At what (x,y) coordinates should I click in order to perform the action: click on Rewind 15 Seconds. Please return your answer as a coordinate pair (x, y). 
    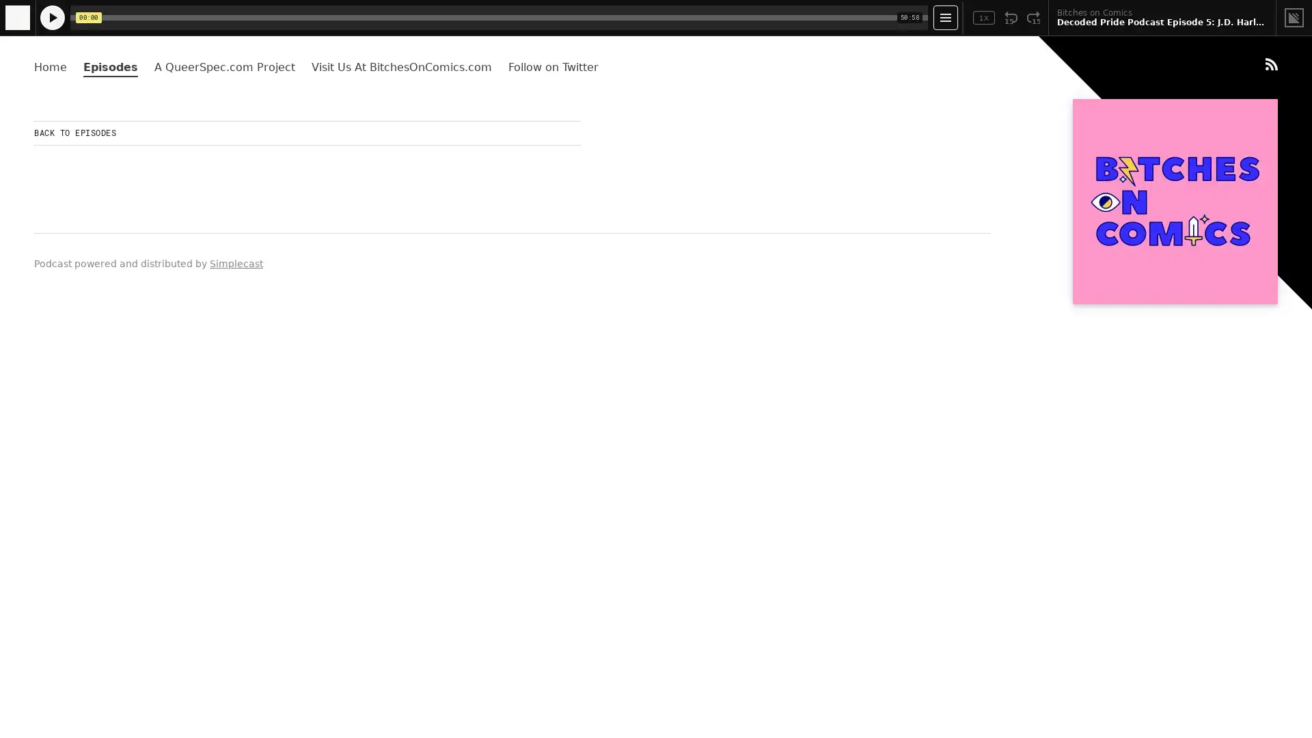
    Looking at the image, I should click on (1011, 18).